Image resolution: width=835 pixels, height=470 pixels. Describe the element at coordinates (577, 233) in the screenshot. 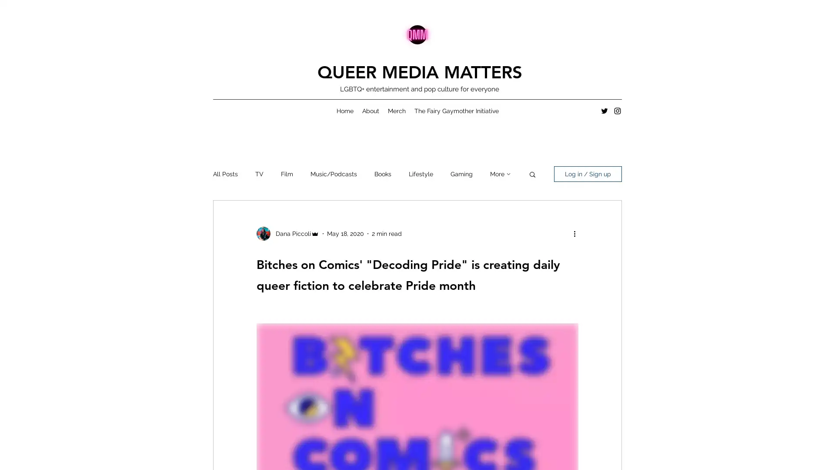

I see `More actions` at that location.